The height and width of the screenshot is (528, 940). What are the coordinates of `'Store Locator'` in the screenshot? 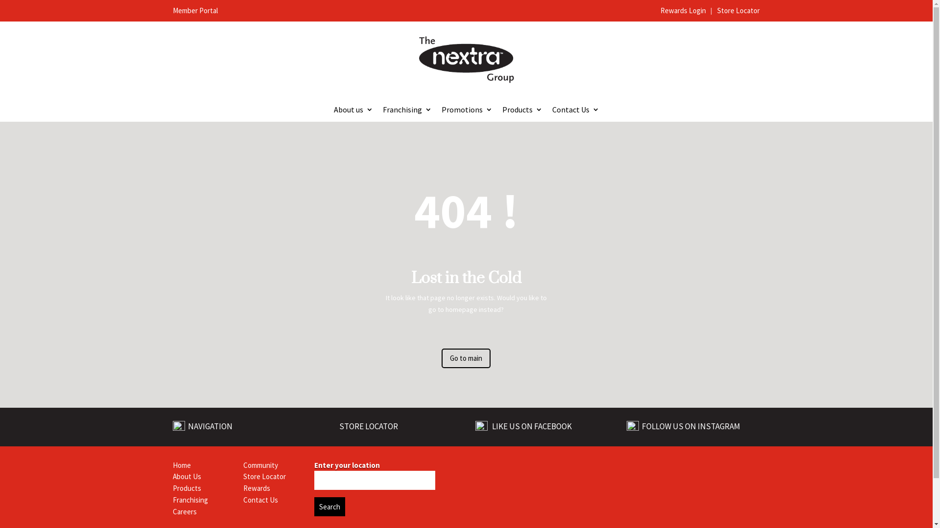 It's located at (264, 476).